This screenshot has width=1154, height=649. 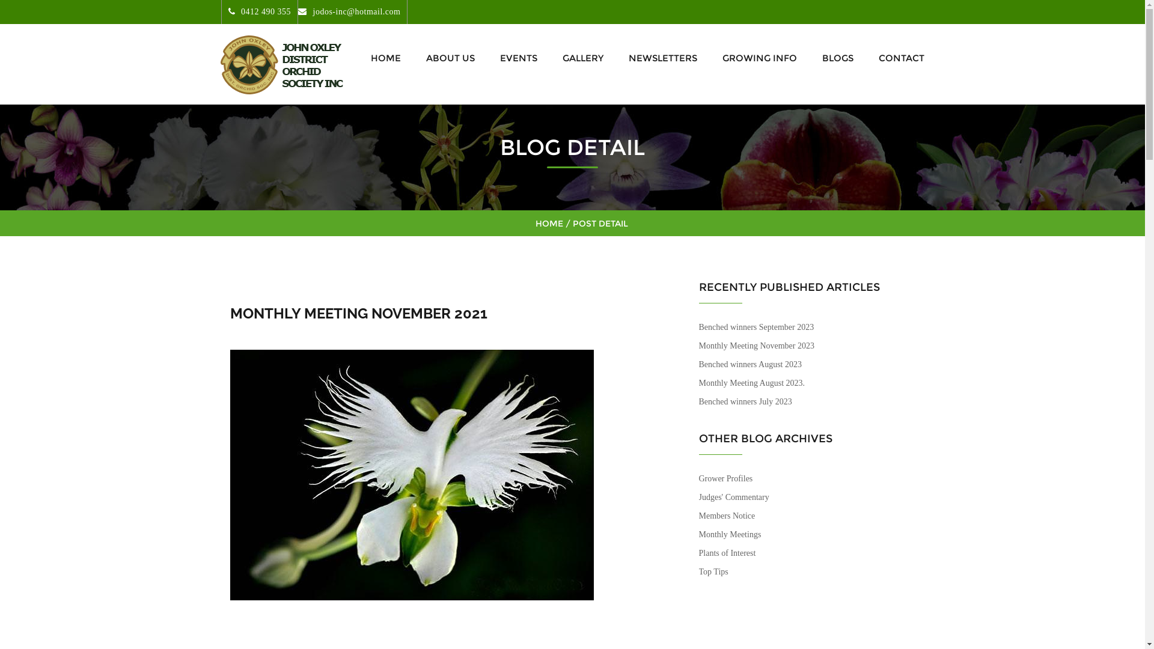 What do you see at coordinates (751, 383) in the screenshot?
I see `'Monthly Meeting August 2023.'` at bounding box center [751, 383].